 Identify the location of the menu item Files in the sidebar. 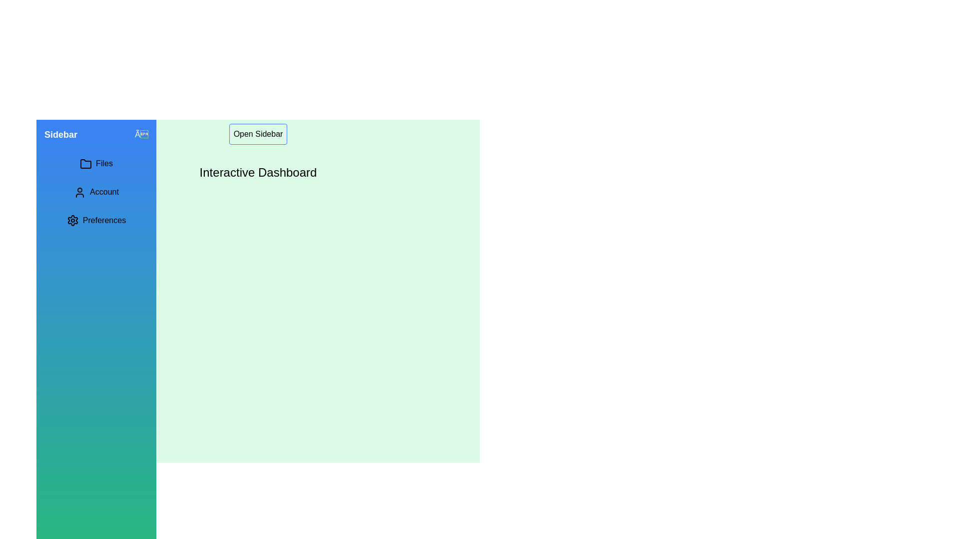
(96, 163).